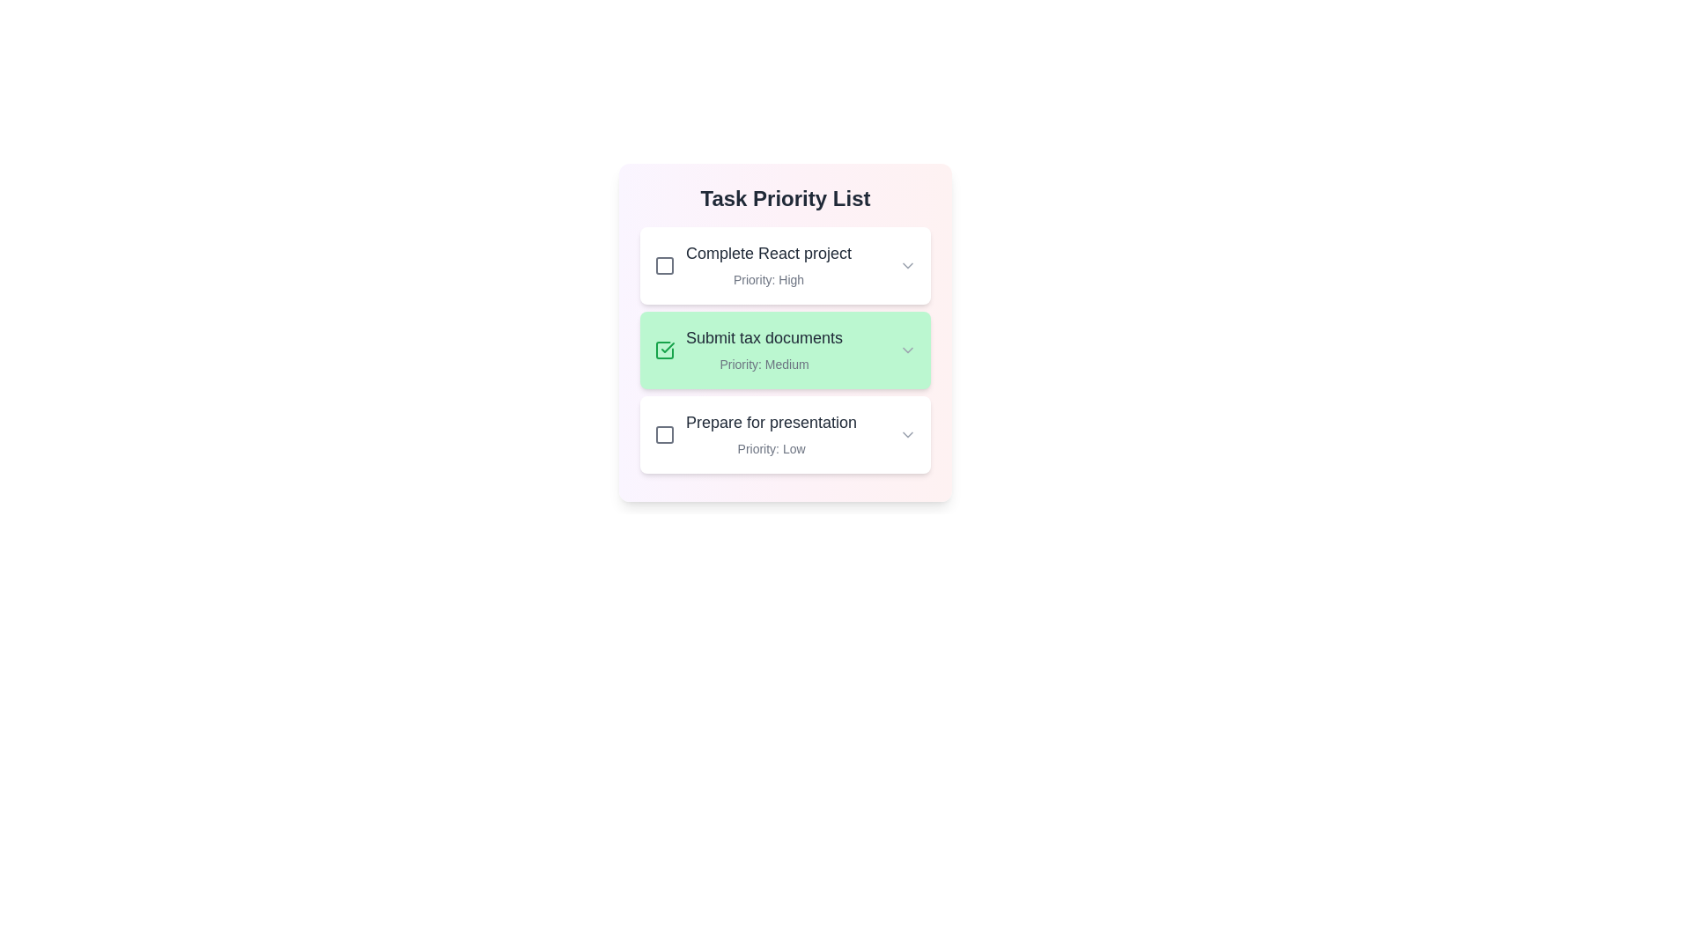 Image resolution: width=1691 pixels, height=951 pixels. I want to click on the task with the title Prepare for presentation, so click(785, 434).